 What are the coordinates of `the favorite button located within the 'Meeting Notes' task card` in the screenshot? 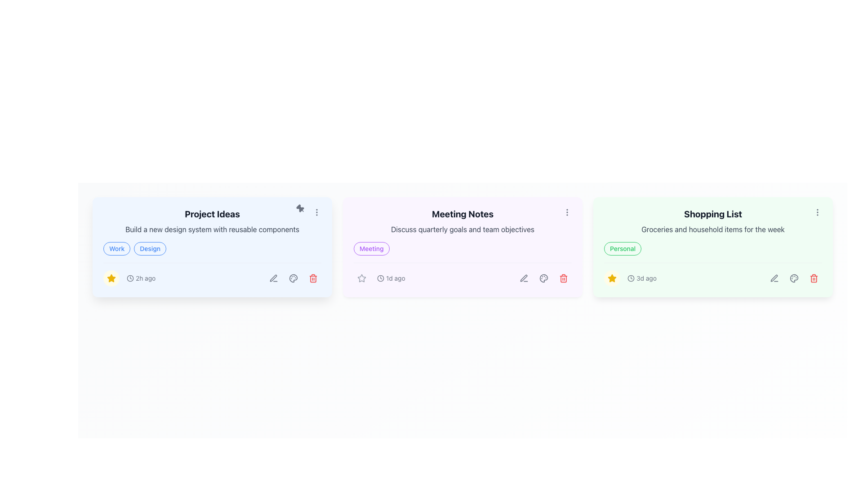 It's located at (362, 278).